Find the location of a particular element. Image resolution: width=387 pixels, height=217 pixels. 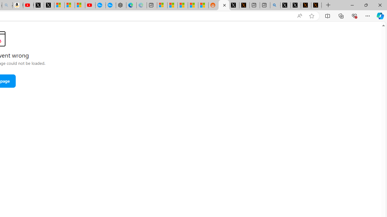

'github - Search' is located at coordinates (275, 5).